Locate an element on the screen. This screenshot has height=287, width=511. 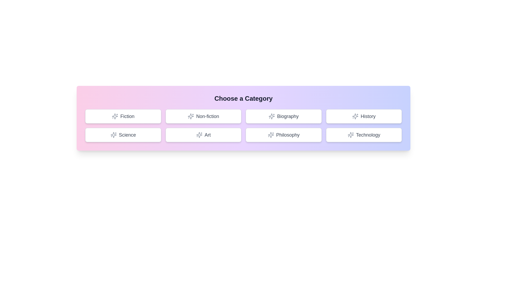
the button labeled Art to select it is located at coordinates (203, 135).